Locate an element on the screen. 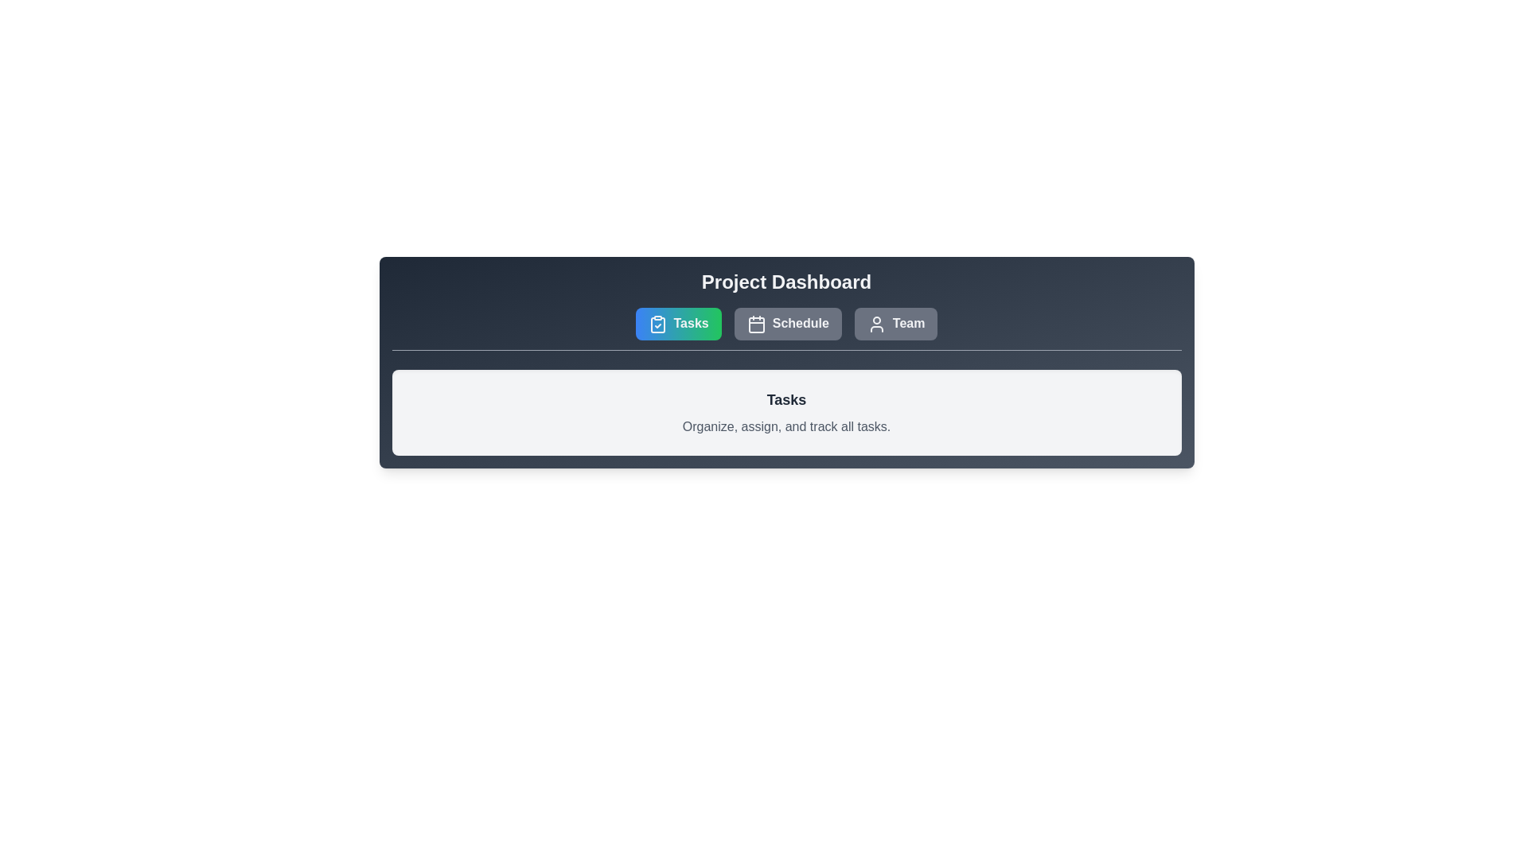 Image resolution: width=1528 pixels, height=859 pixels. the decorative icon within the 'Tasks' button located on the top navigation bar, which visually represents the concept of 'Tasks' is located at coordinates (657, 323).